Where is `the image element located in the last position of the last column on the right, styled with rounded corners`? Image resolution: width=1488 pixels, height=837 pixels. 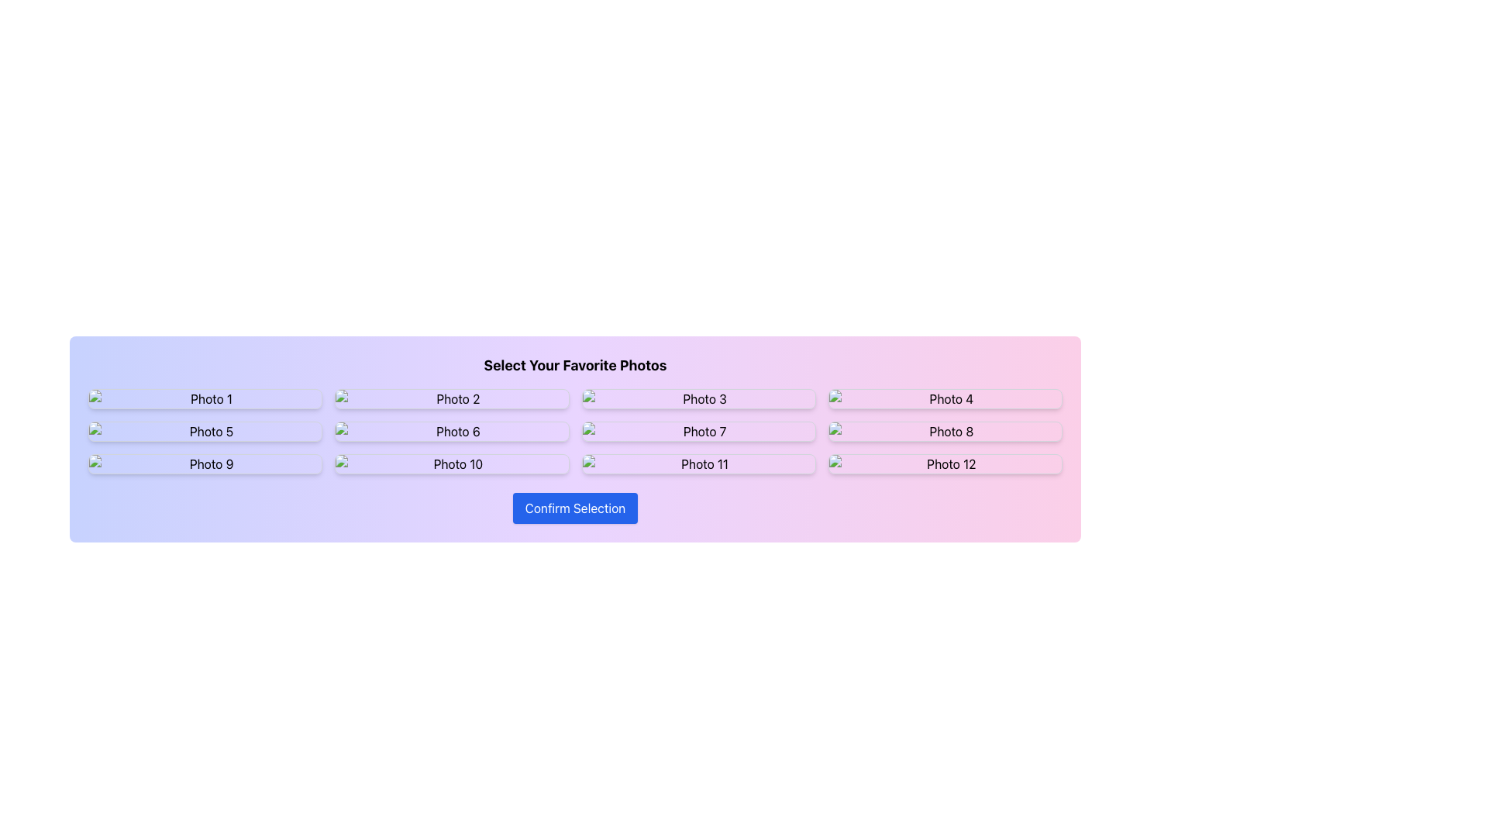
the image element located in the last position of the last column on the right, styled with rounded corners is located at coordinates (944, 463).